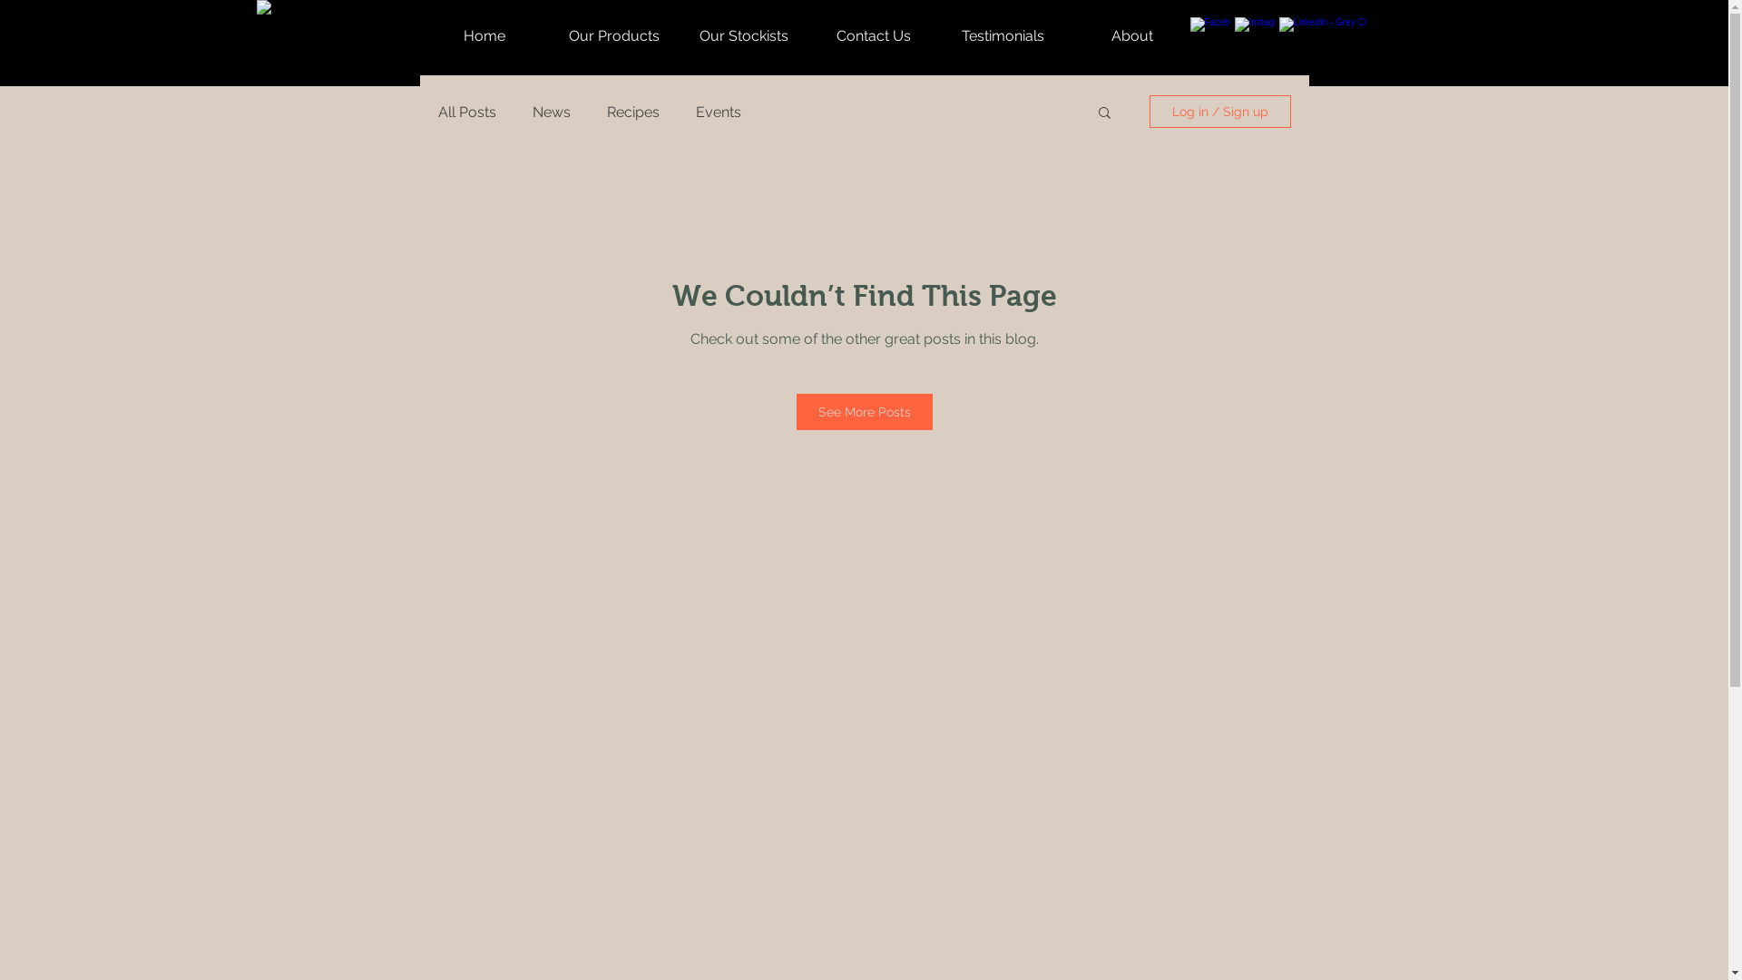 This screenshot has width=1742, height=980. I want to click on 'Log in / Sign up', so click(1219, 112).